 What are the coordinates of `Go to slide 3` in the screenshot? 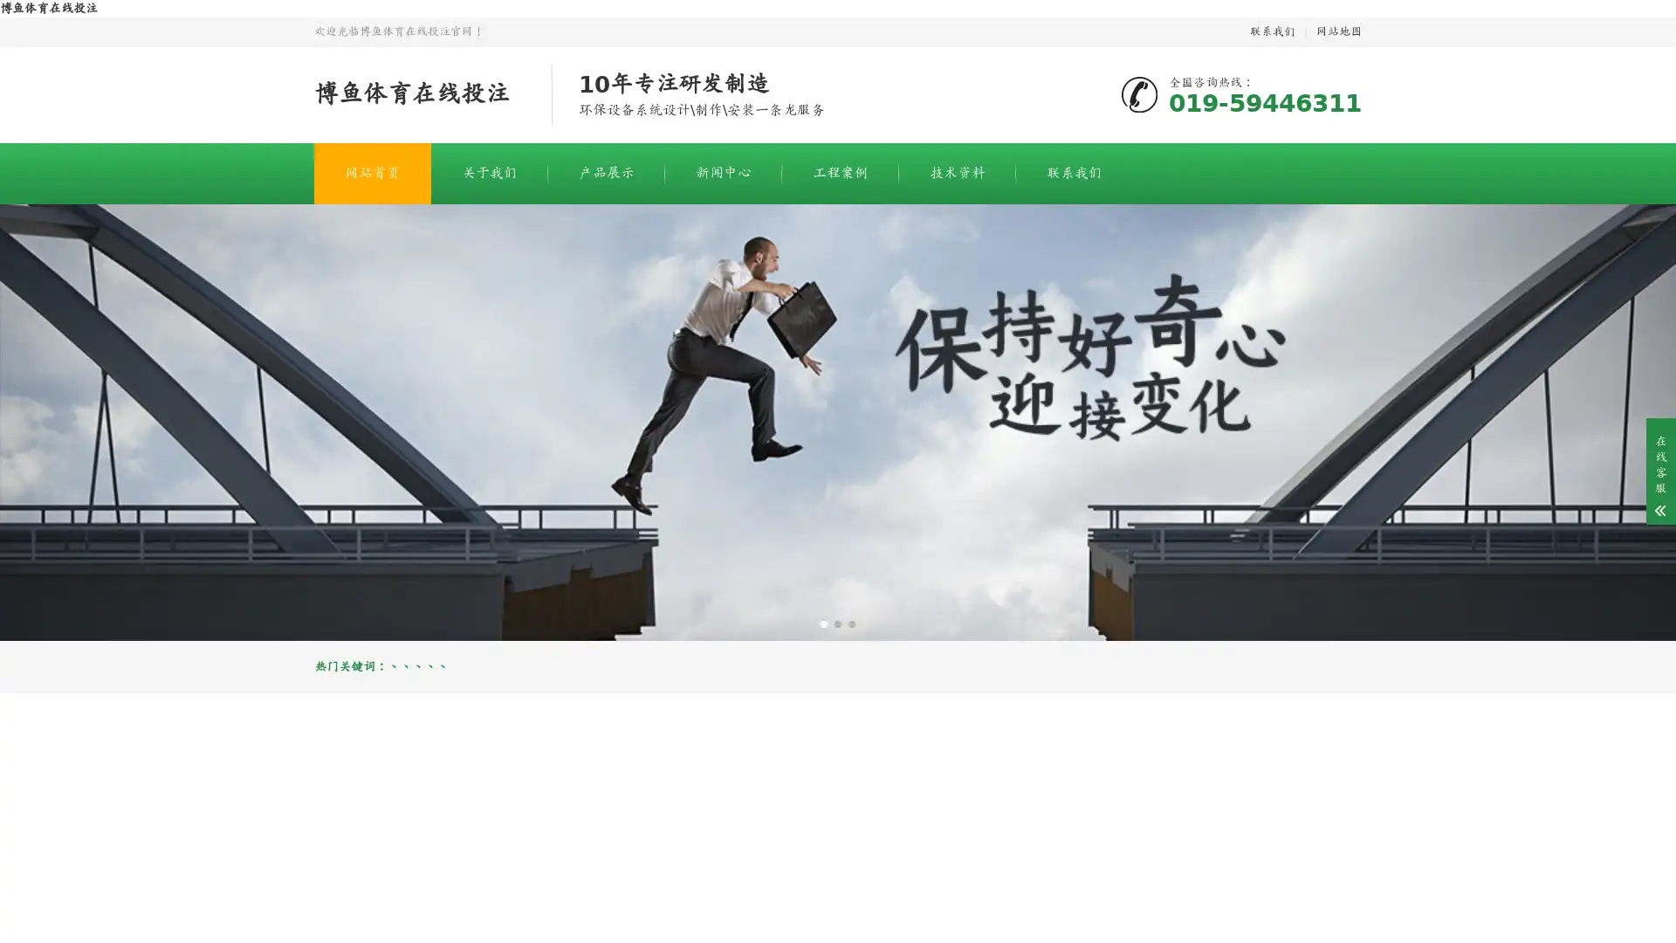 It's located at (851, 623).